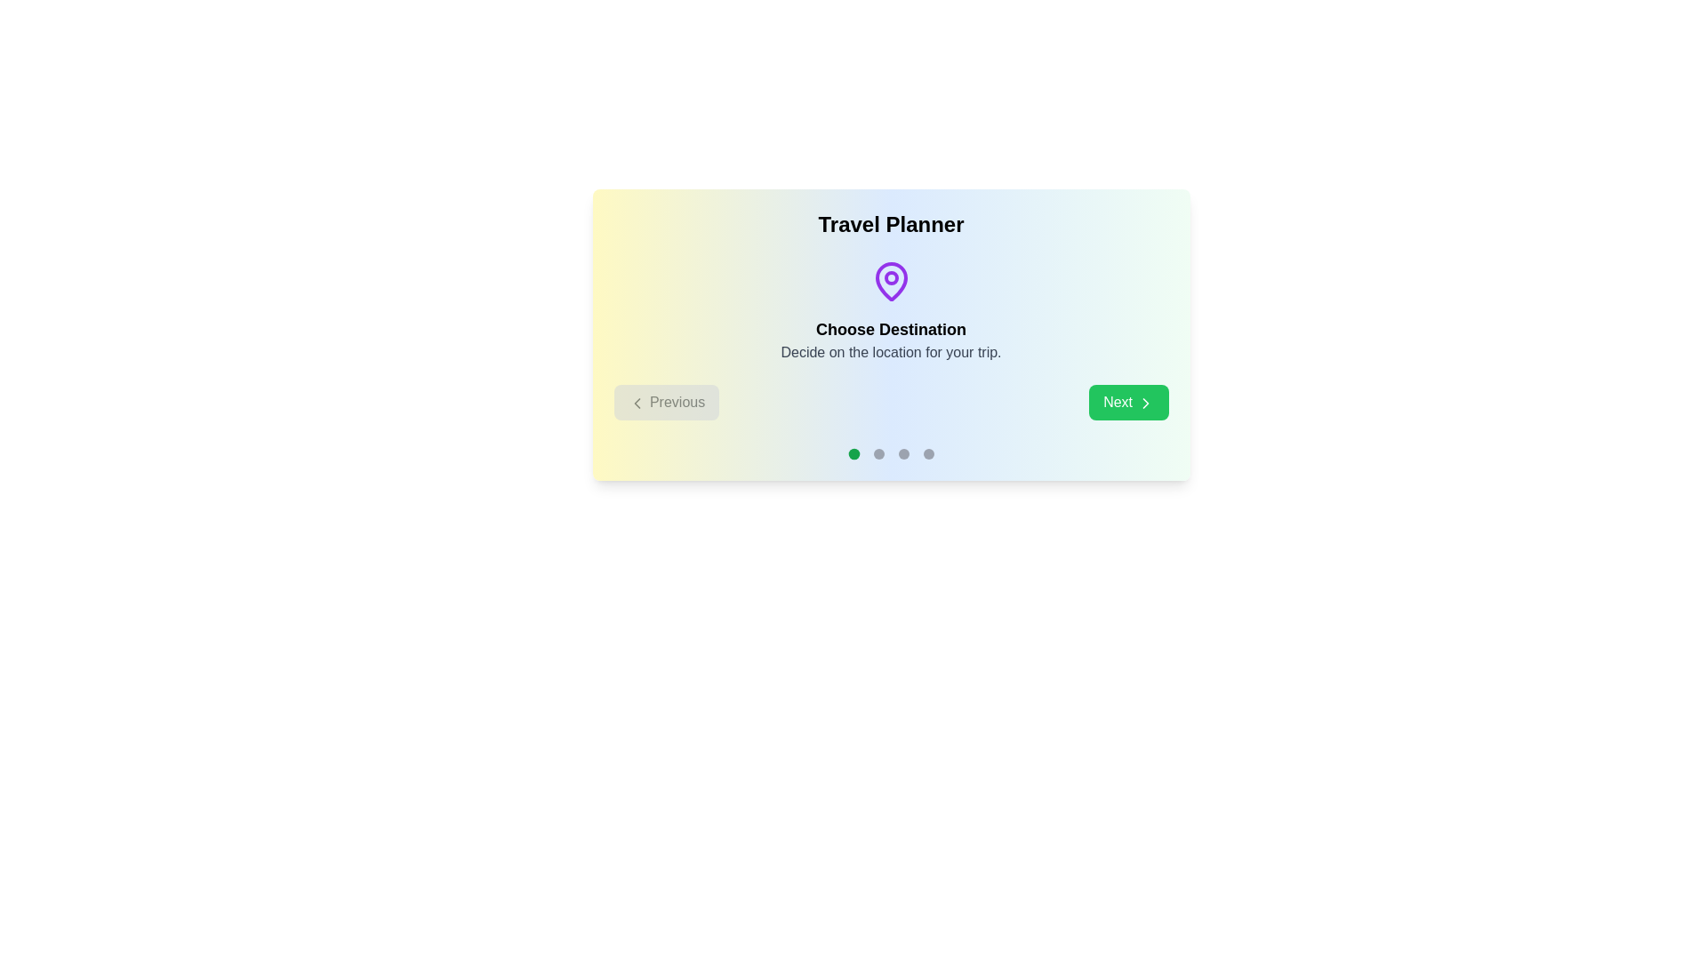  Describe the element at coordinates (891, 280) in the screenshot. I see `the map pin icon, which serves as a visual identifier for setting a location or destination, positioned above the 'Choose Destination' text` at that location.